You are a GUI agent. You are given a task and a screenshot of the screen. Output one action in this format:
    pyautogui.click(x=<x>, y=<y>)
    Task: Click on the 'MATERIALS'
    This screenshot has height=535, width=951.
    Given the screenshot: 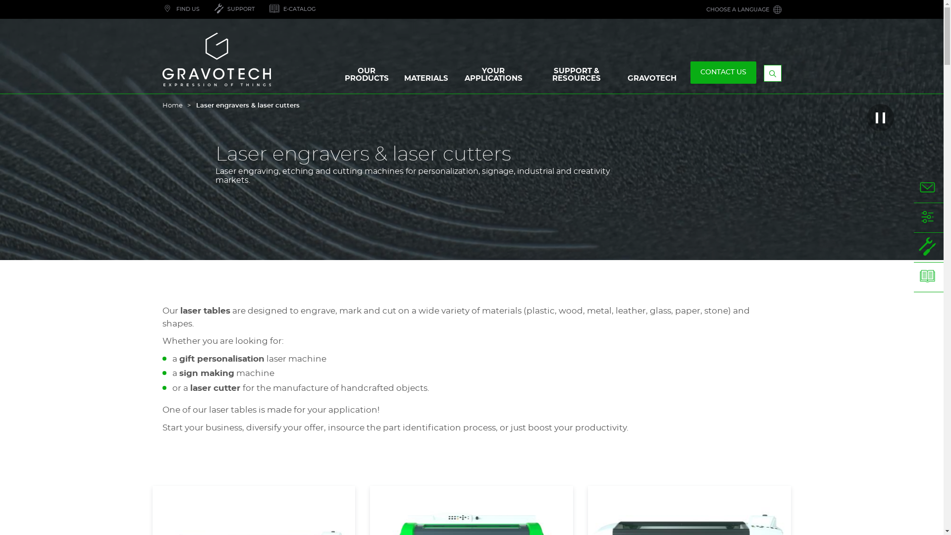 What is the action you would take?
    pyautogui.click(x=397, y=80)
    